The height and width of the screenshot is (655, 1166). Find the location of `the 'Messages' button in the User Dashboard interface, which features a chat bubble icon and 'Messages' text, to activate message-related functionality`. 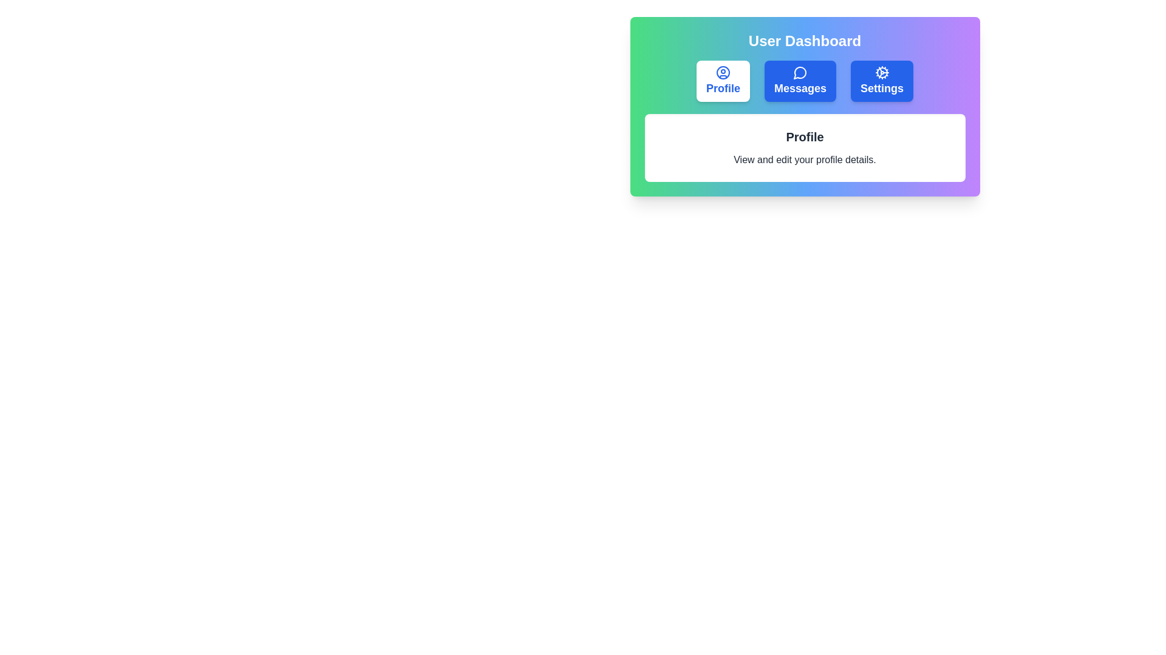

the 'Messages' button in the User Dashboard interface, which features a chat bubble icon and 'Messages' text, to activate message-related functionality is located at coordinates (800, 81).